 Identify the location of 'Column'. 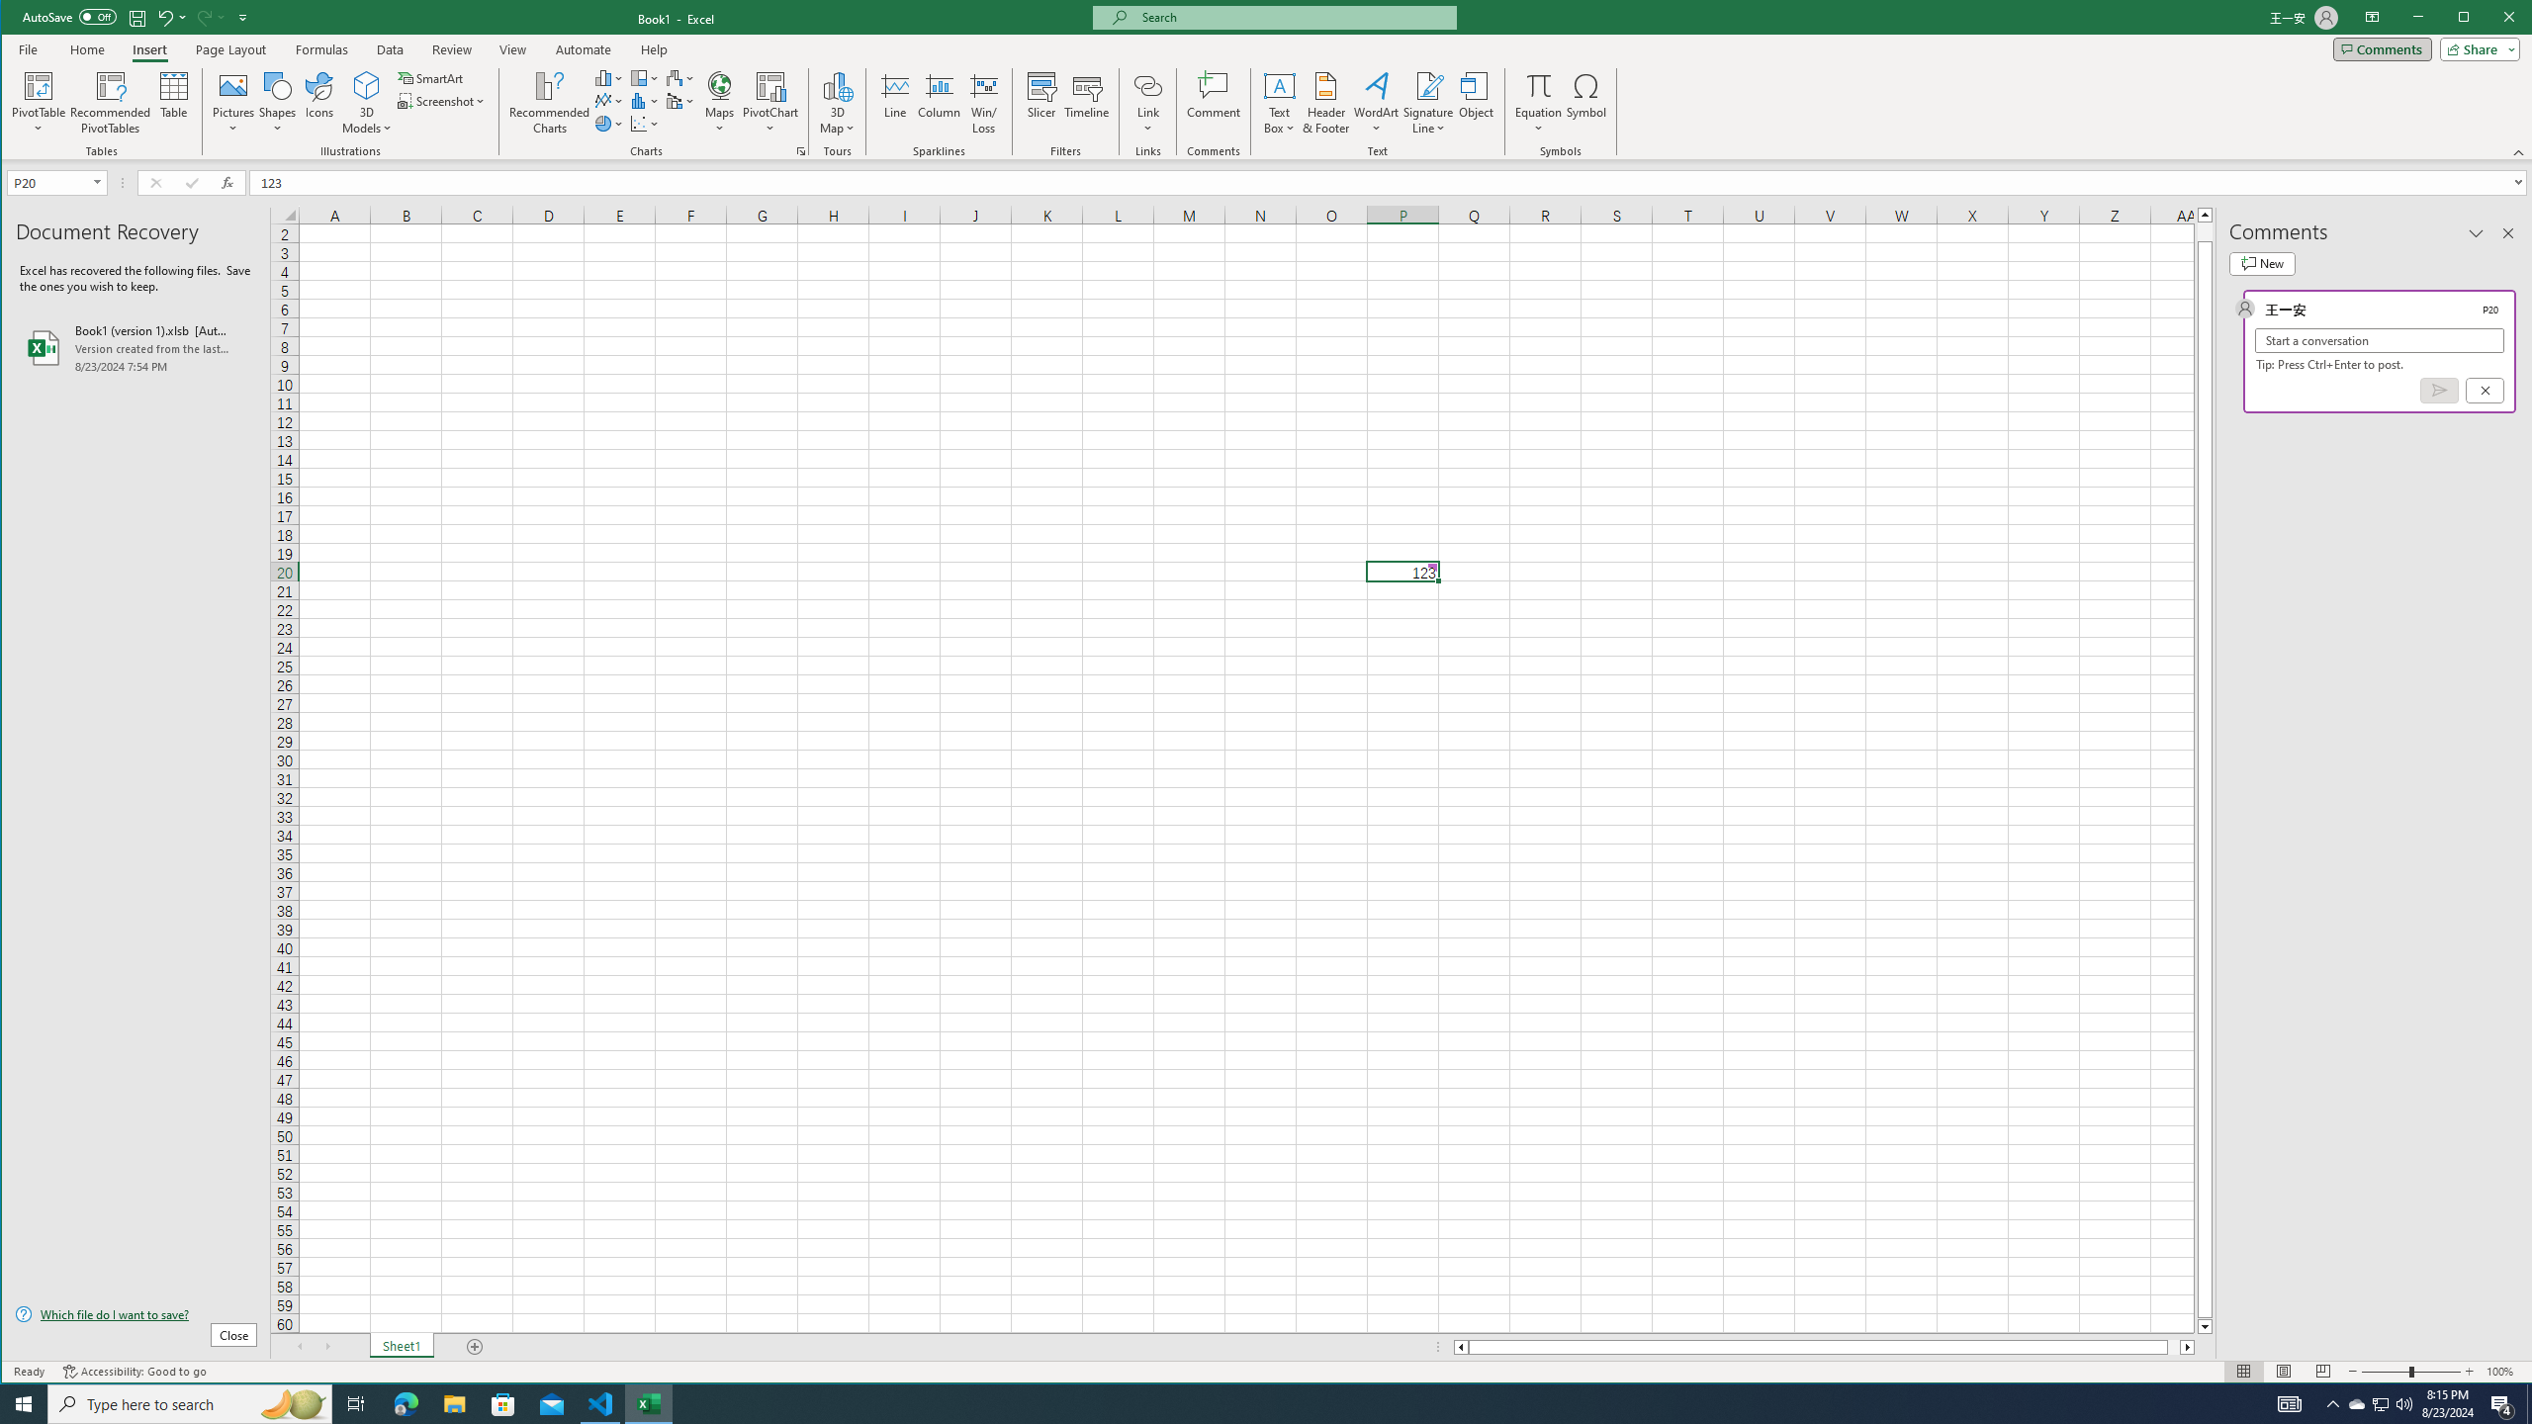
(939, 102).